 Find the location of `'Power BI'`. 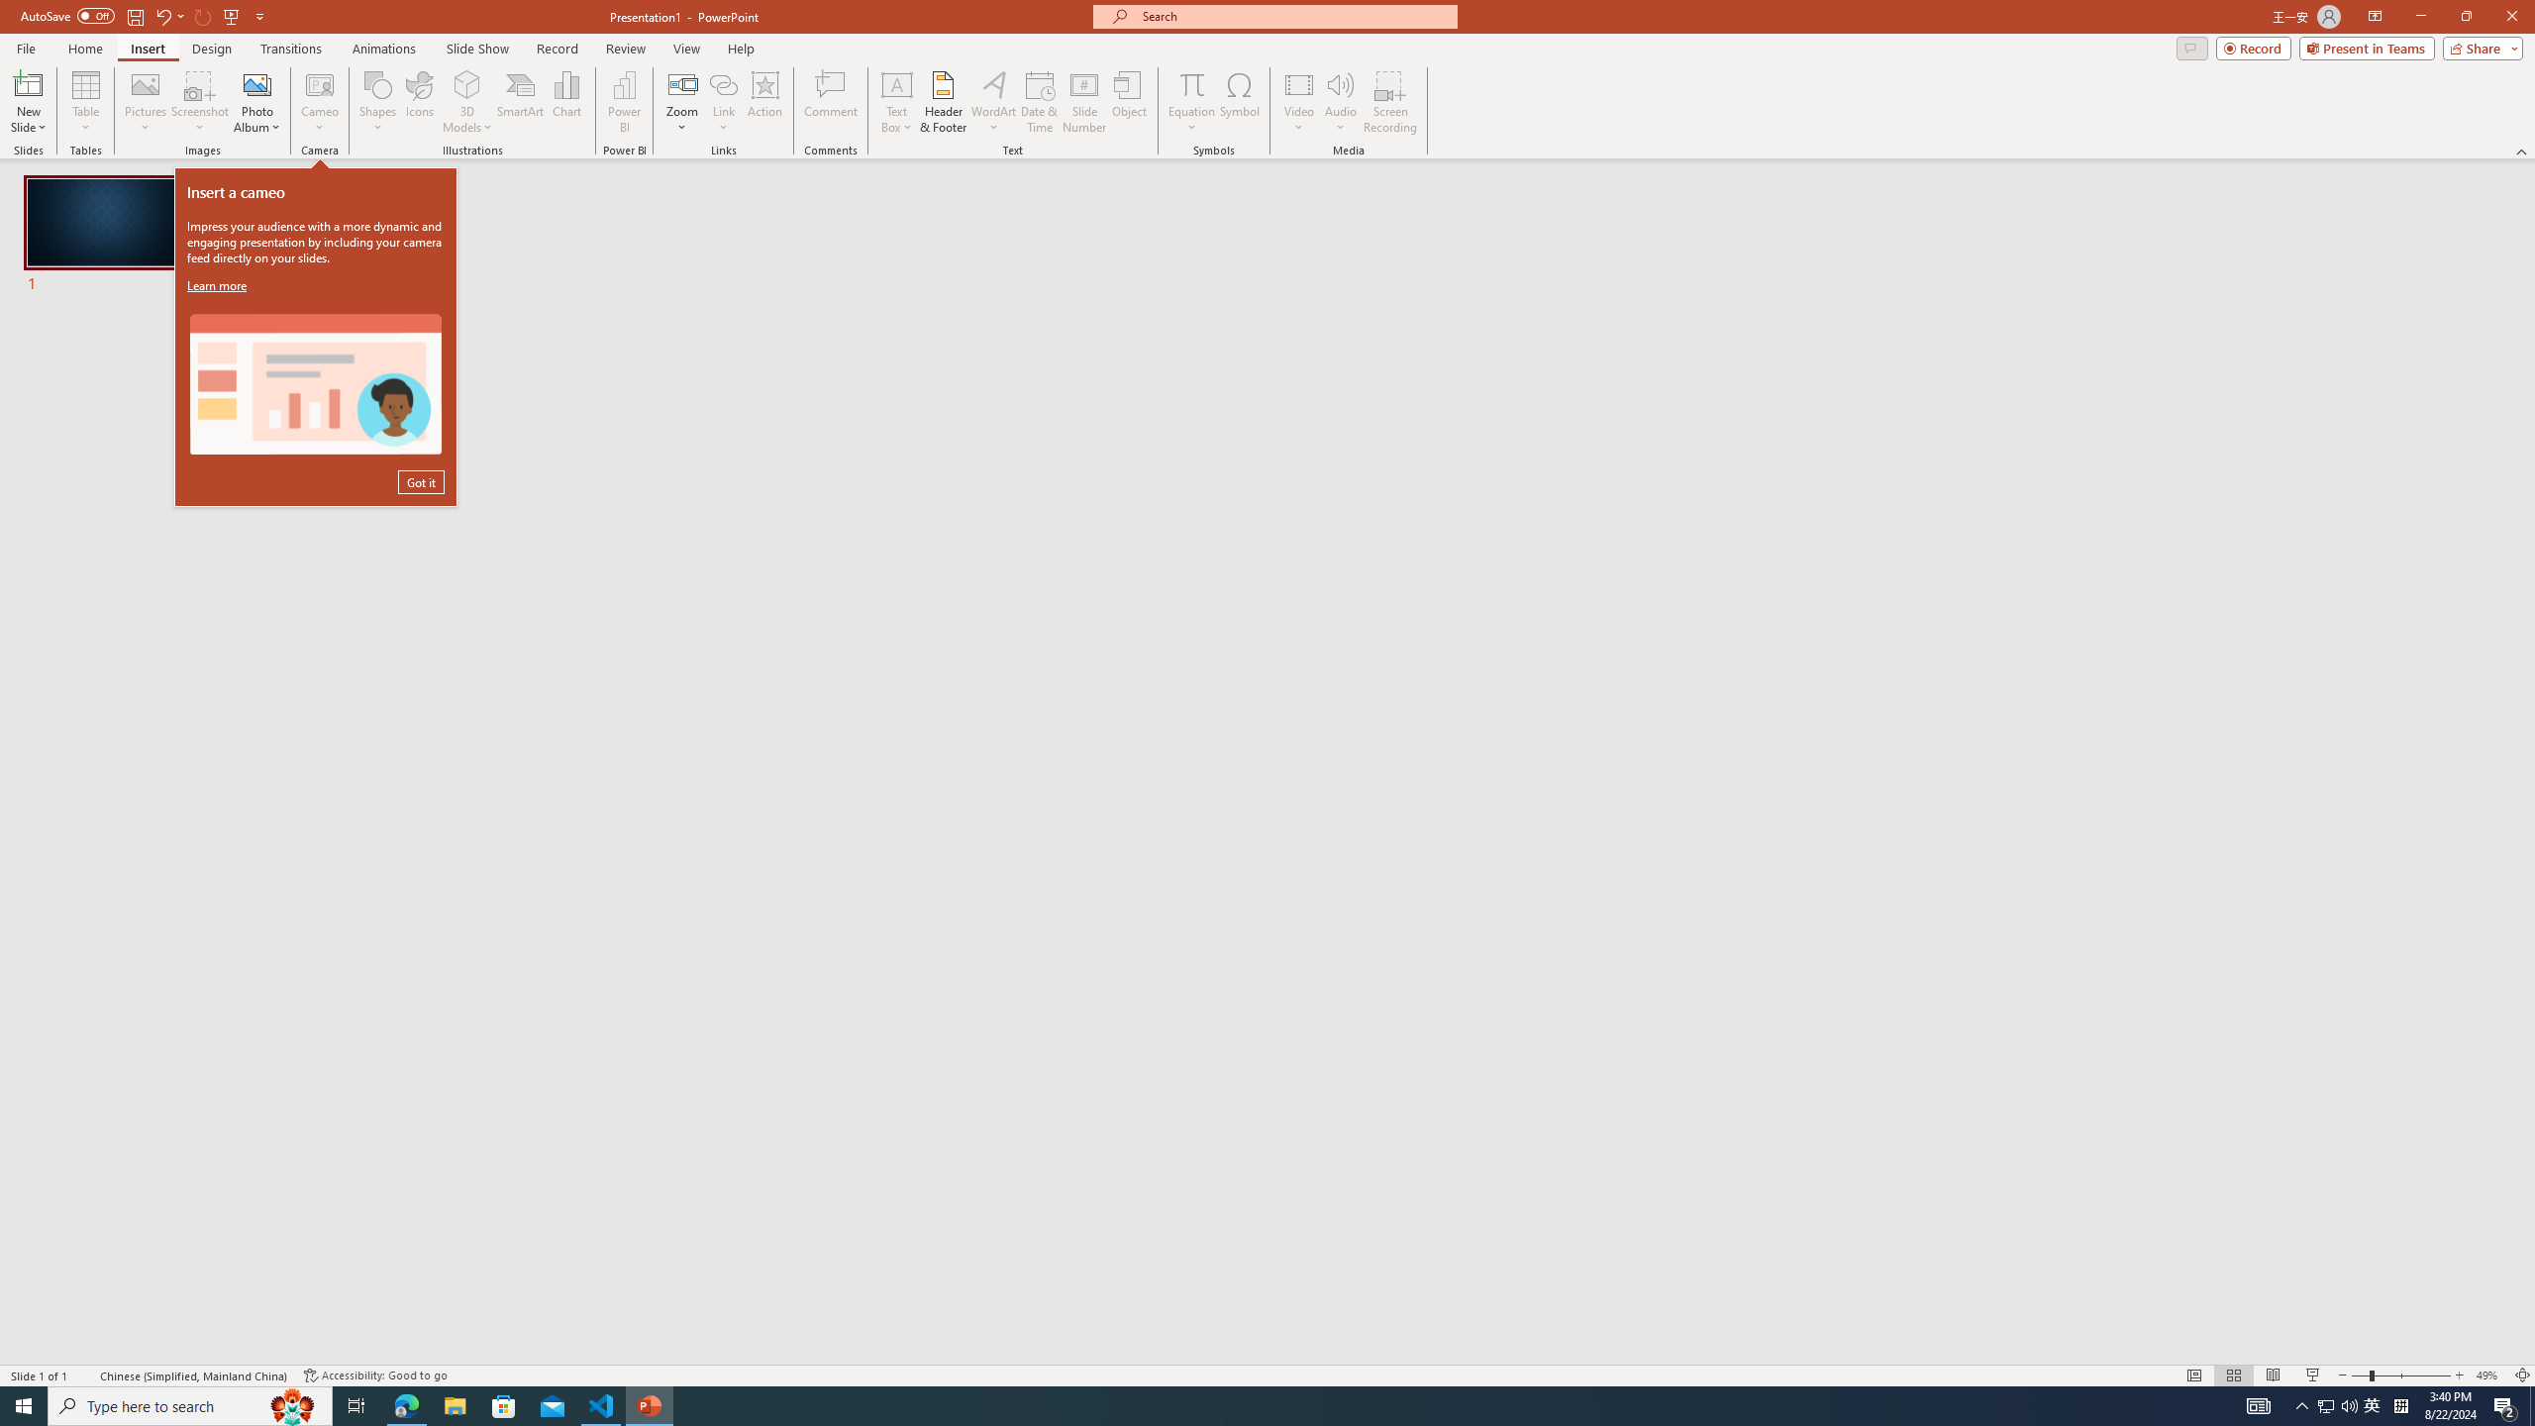

'Power BI' is located at coordinates (625, 102).